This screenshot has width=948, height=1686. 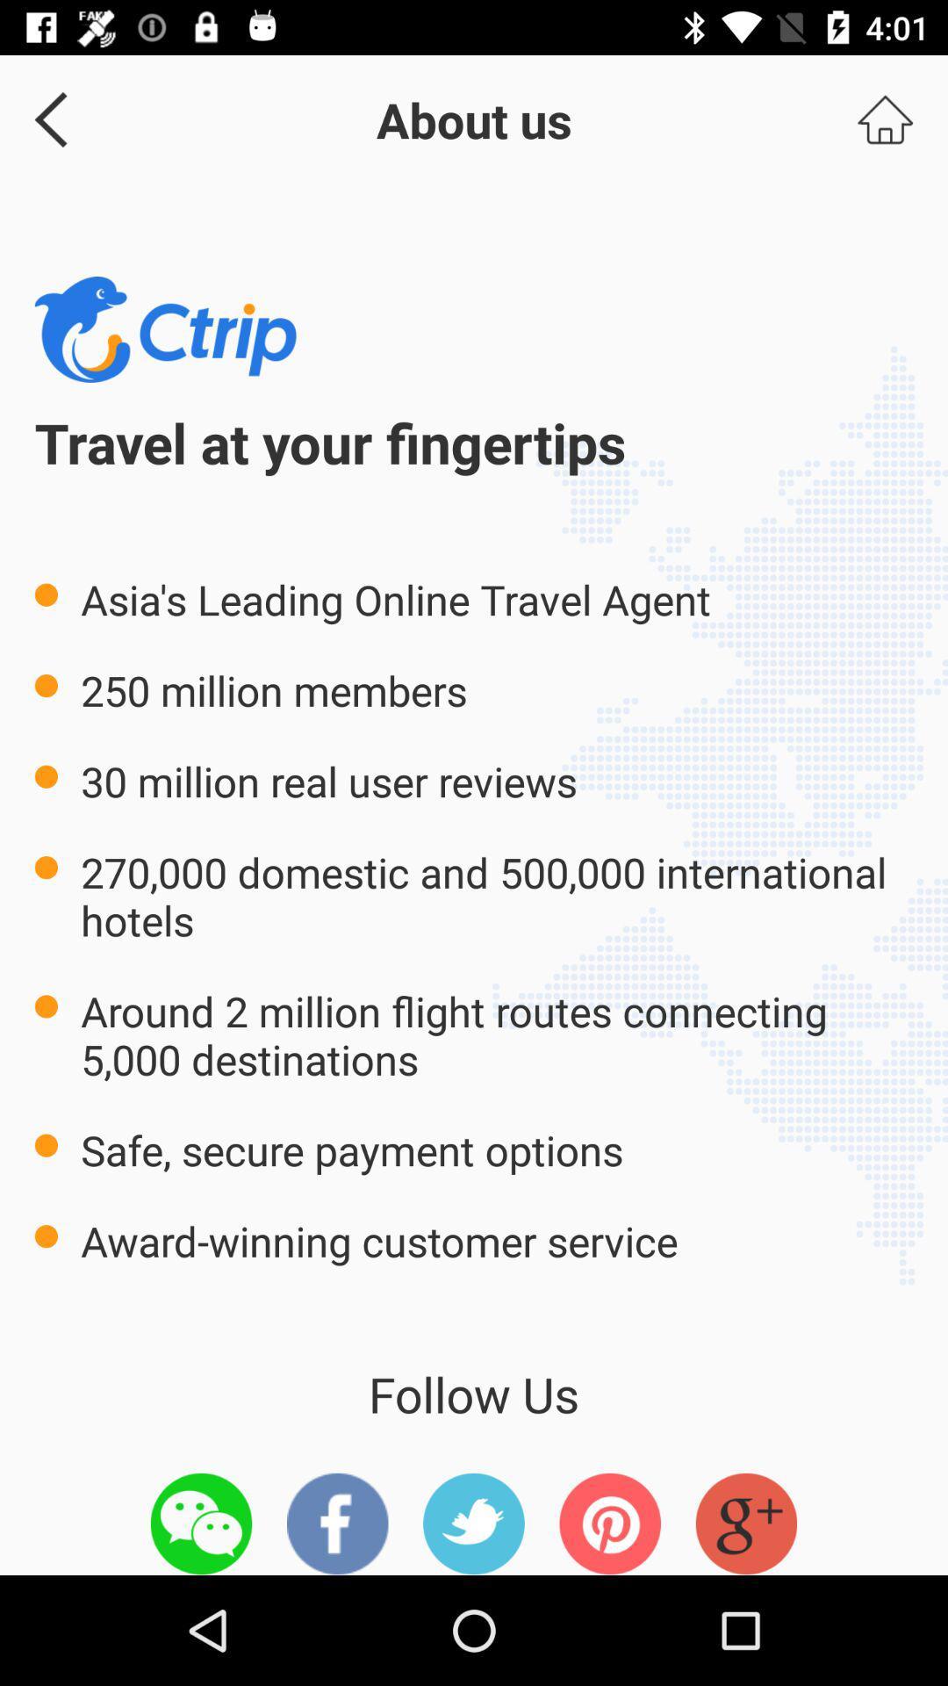 What do you see at coordinates (474, 1523) in the screenshot?
I see `the twitter icon` at bounding box center [474, 1523].